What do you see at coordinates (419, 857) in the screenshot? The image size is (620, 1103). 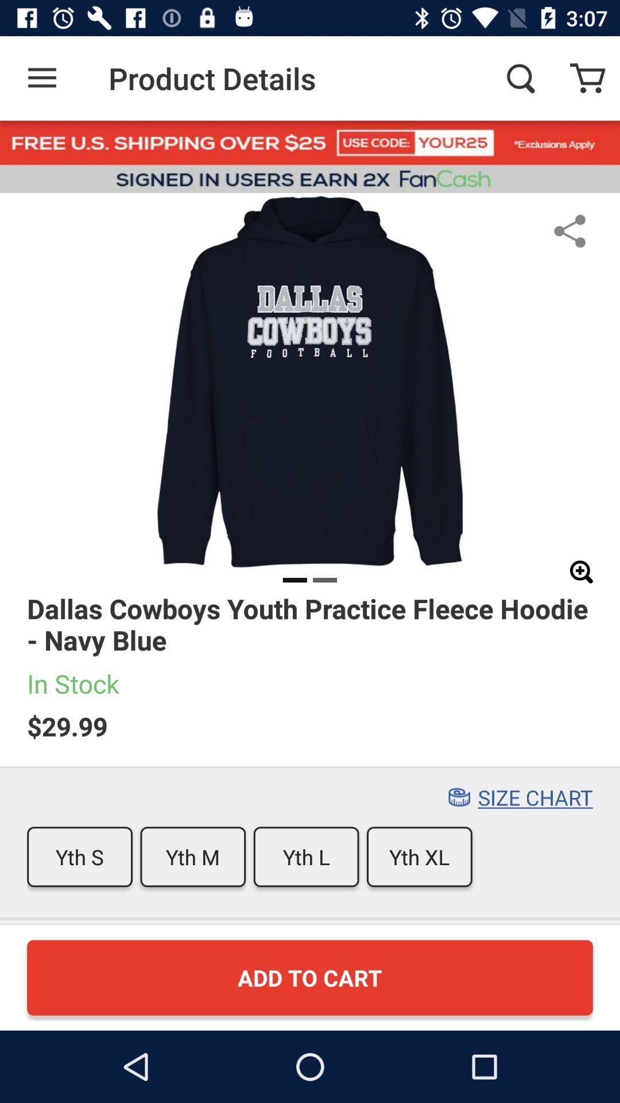 I see `item next to yth l` at bounding box center [419, 857].